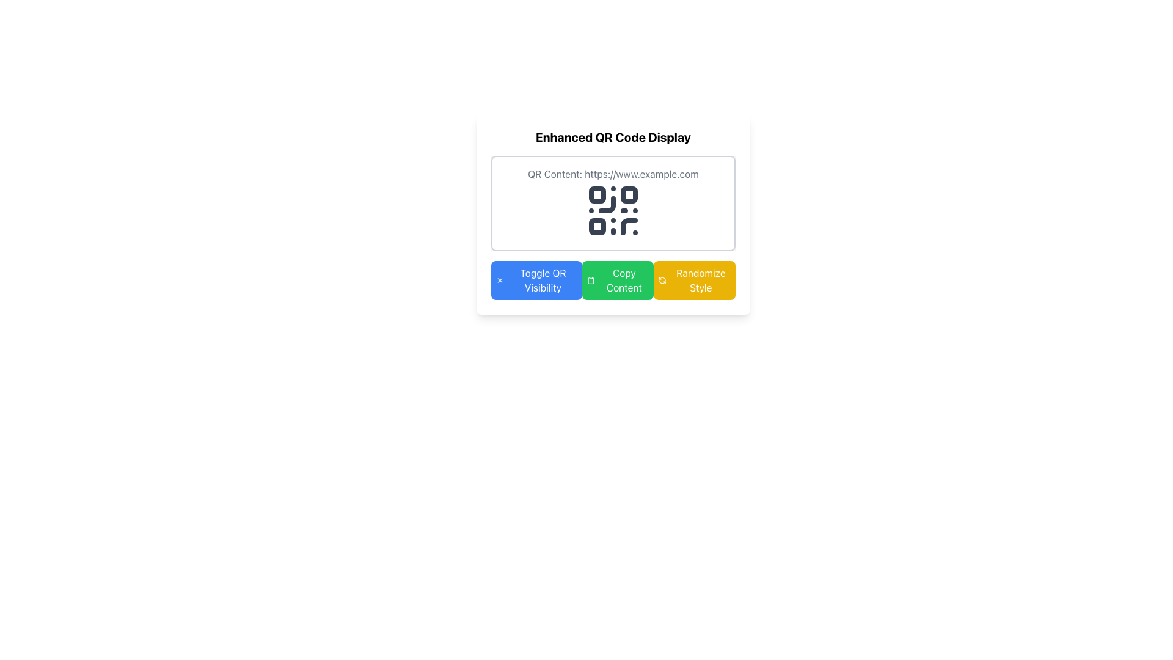 The width and height of the screenshot is (1173, 660). I want to click on the second square in the upper right corner of the QR code grid, which is a non-interactable visual element representing part of the QR code's data, so click(629, 194).